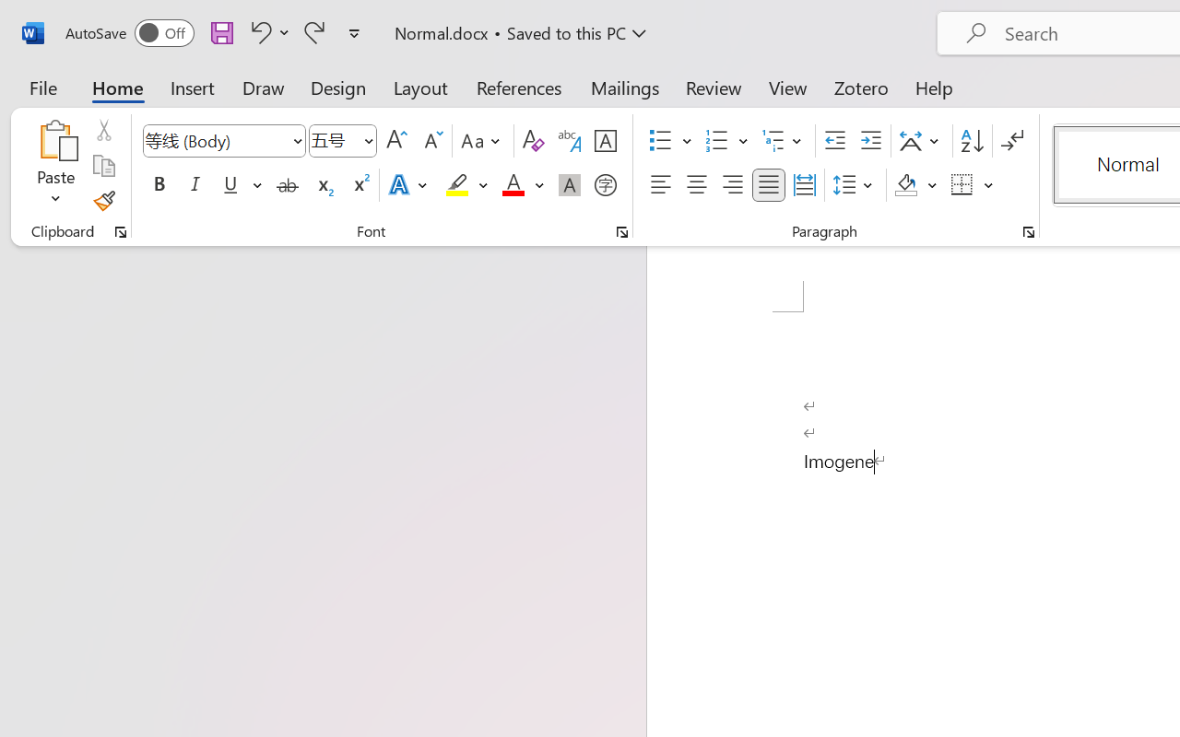 The width and height of the screenshot is (1180, 737). Describe the element at coordinates (869, 141) in the screenshot. I see `'Increase Indent'` at that location.